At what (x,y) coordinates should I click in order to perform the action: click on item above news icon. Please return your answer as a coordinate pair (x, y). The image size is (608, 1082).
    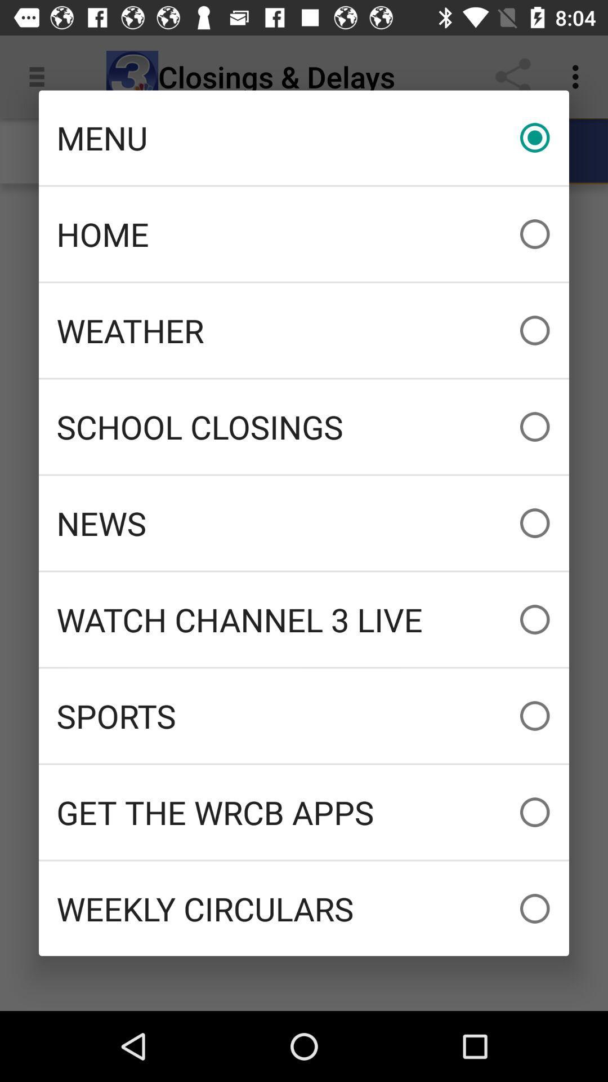
    Looking at the image, I should click on (304, 426).